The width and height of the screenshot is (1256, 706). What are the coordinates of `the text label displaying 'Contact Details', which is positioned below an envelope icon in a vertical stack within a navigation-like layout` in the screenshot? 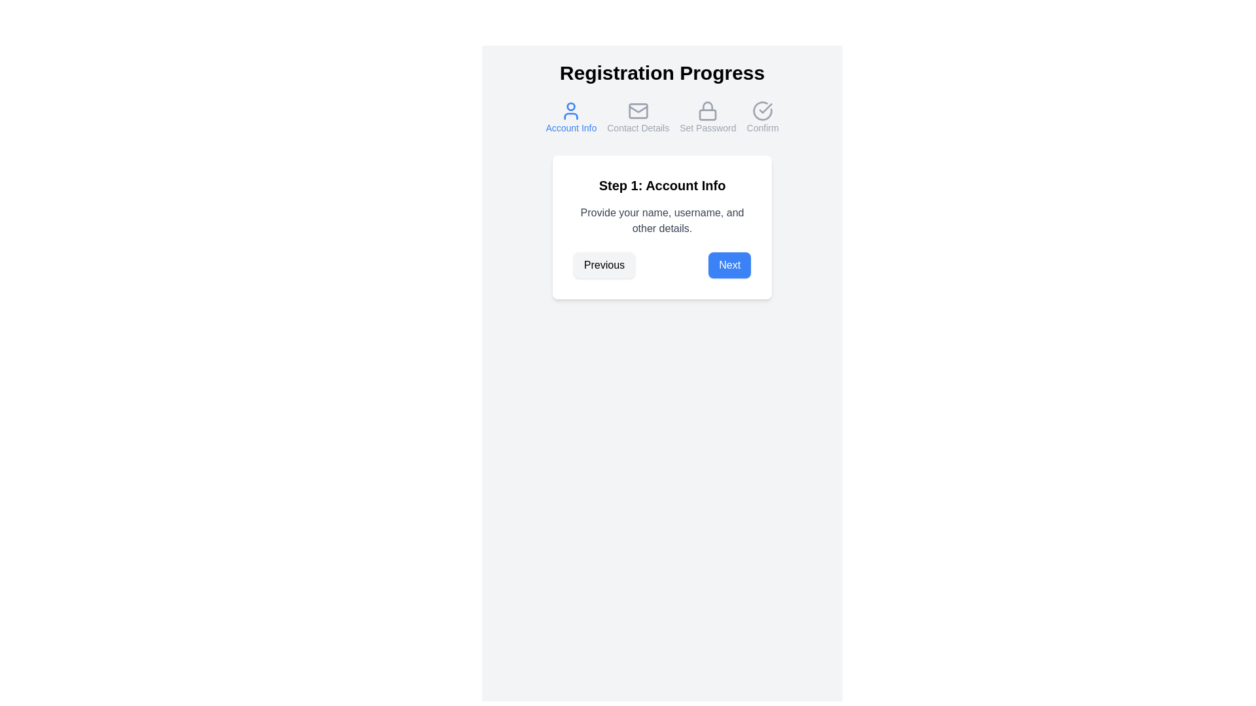 It's located at (638, 128).